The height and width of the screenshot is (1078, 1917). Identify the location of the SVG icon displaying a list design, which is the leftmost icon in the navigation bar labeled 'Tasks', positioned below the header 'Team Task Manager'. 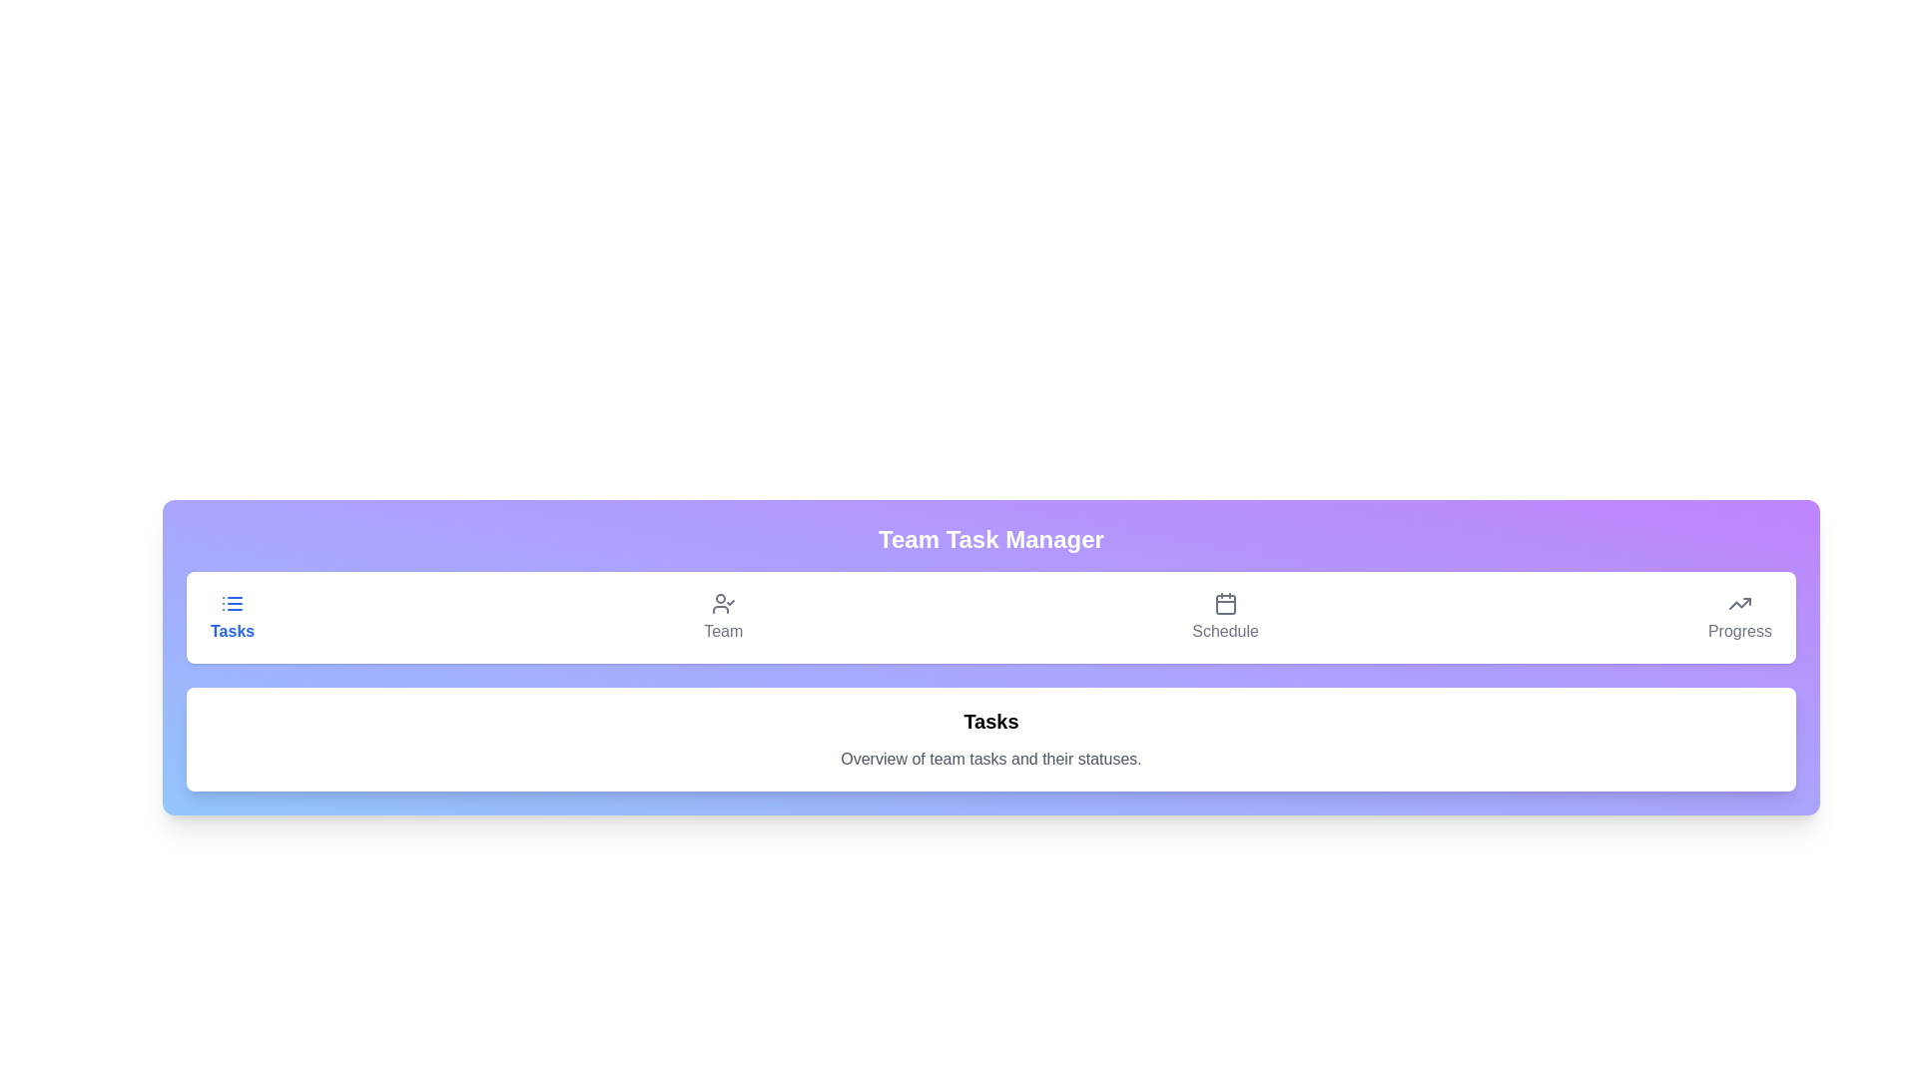
(233, 603).